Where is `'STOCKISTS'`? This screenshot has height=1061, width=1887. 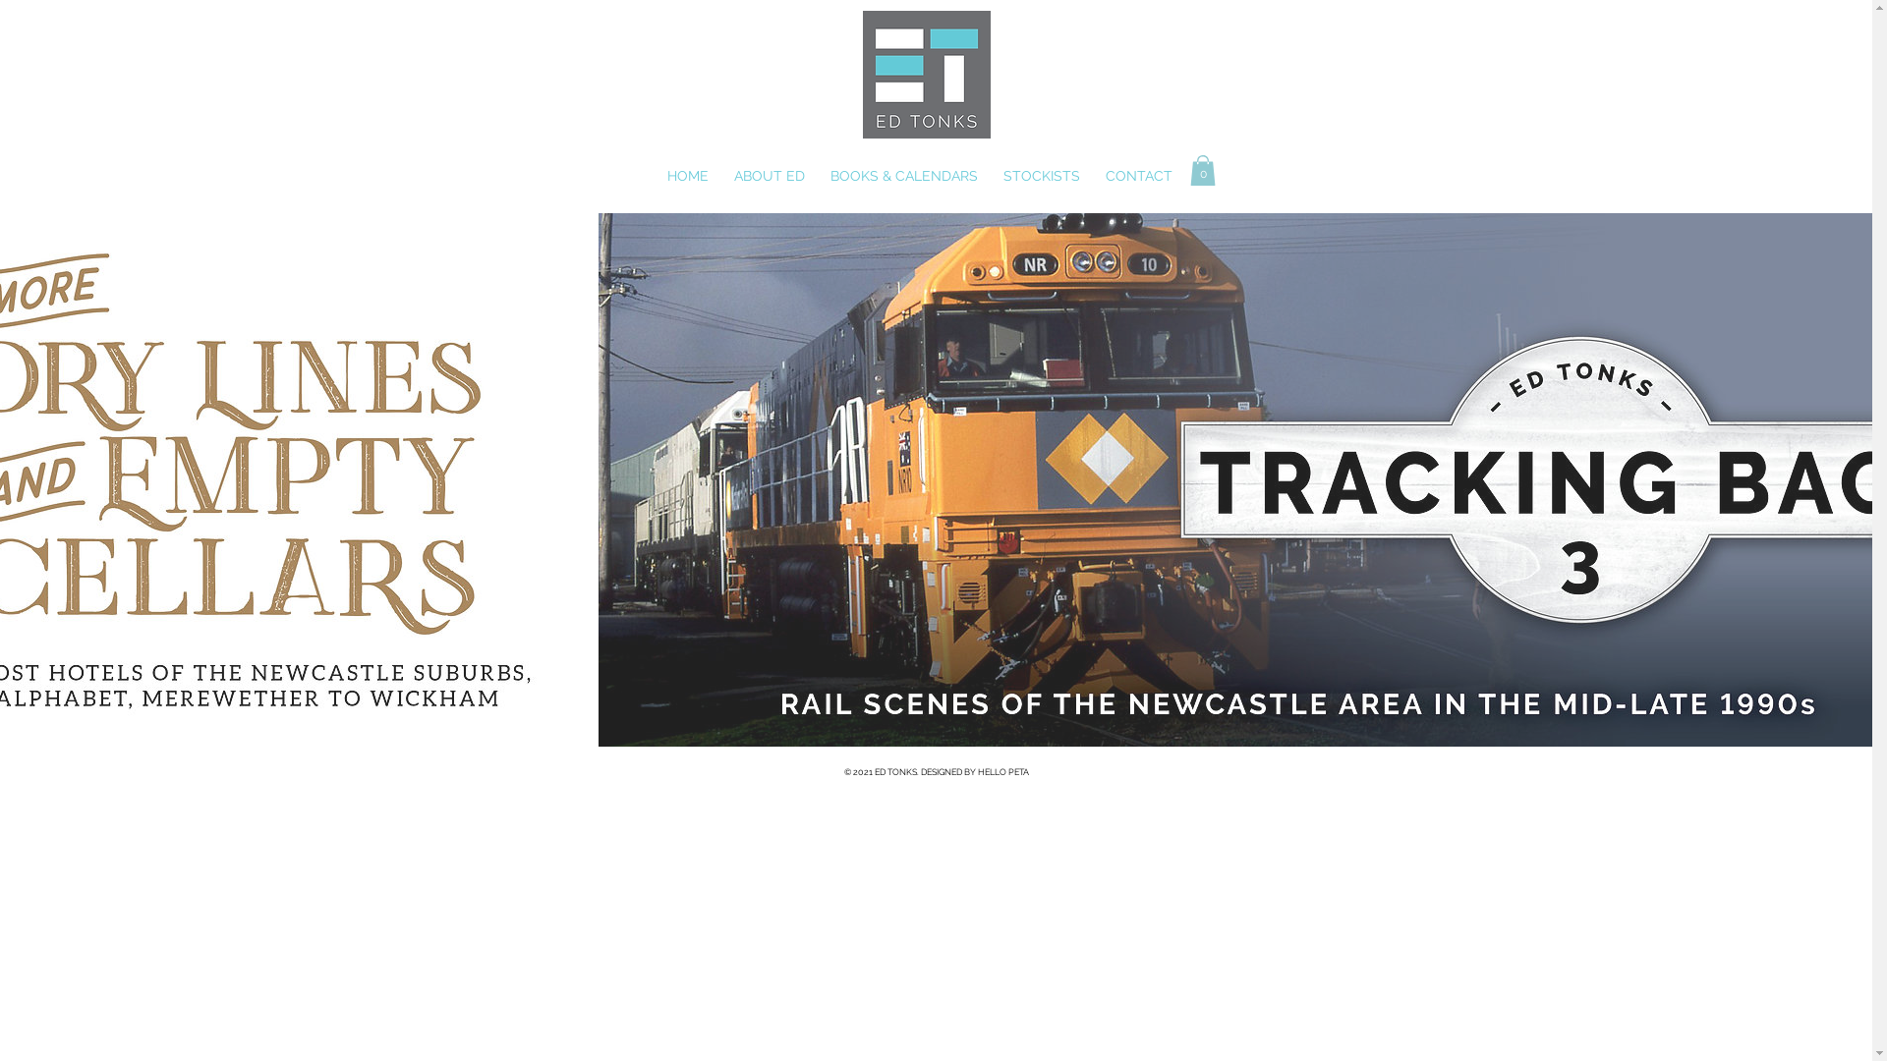 'STOCKISTS' is located at coordinates (1042, 175).